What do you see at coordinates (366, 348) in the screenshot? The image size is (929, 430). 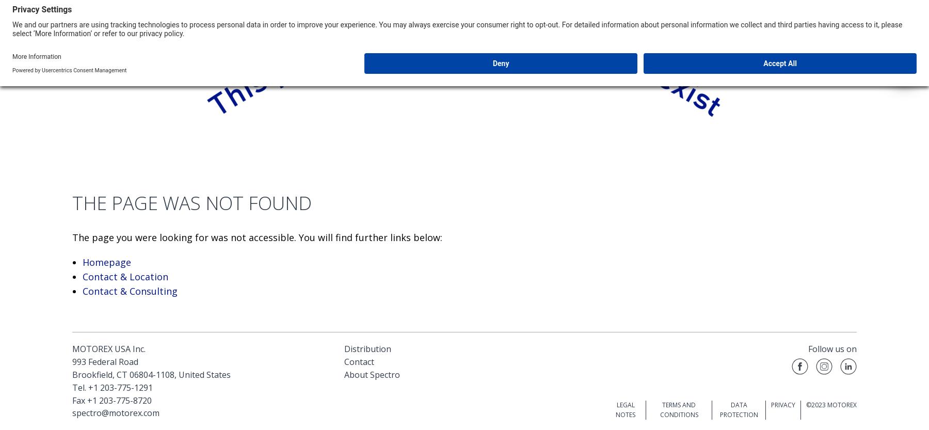 I see `'Distribution'` at bounding box center [366, 348].